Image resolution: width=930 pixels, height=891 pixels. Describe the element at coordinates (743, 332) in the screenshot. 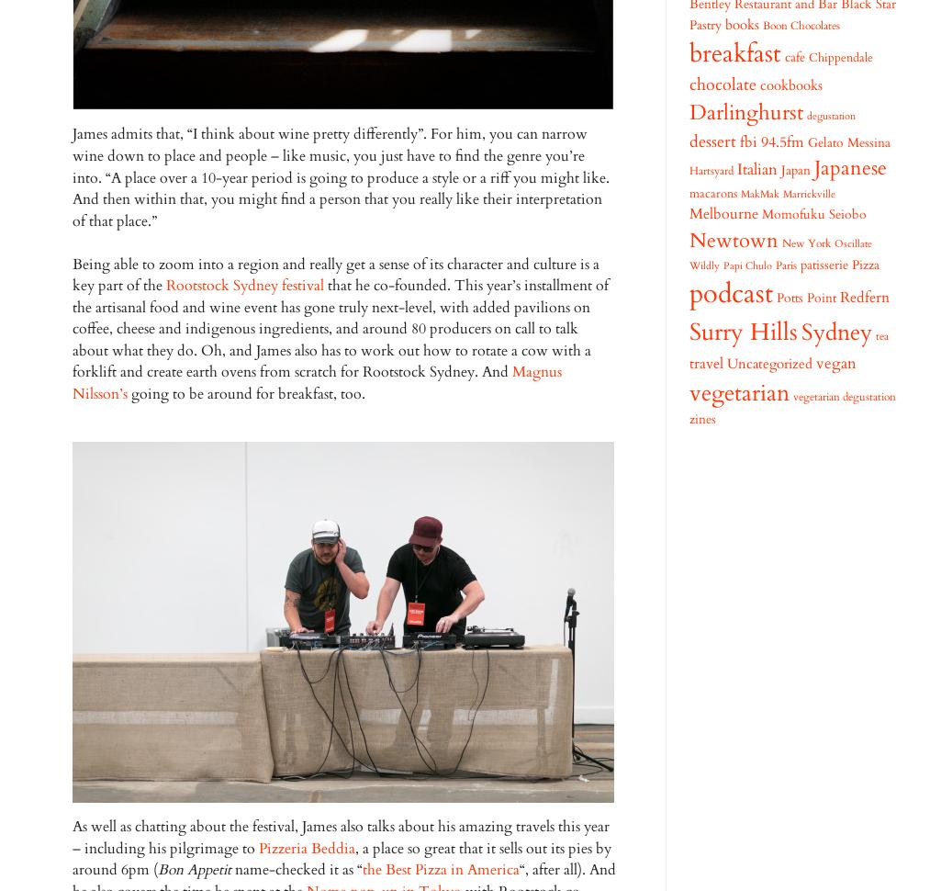

I see `'Surry Hills'` at that location.